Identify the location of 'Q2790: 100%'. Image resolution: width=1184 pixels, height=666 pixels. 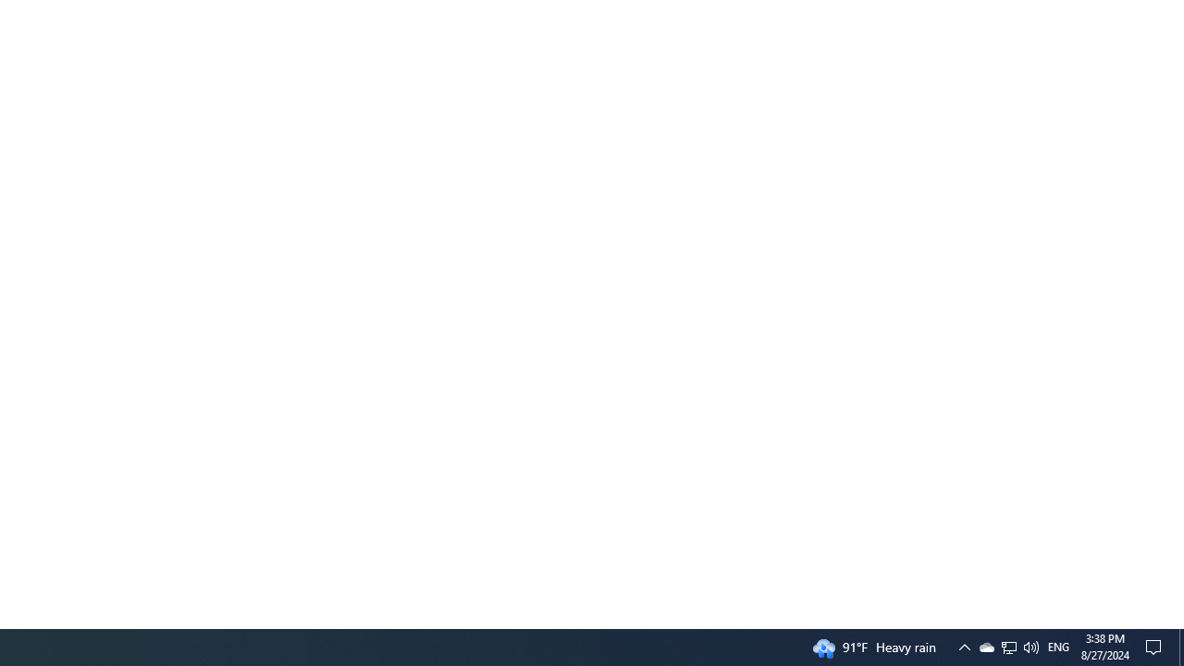
(1030, 646).